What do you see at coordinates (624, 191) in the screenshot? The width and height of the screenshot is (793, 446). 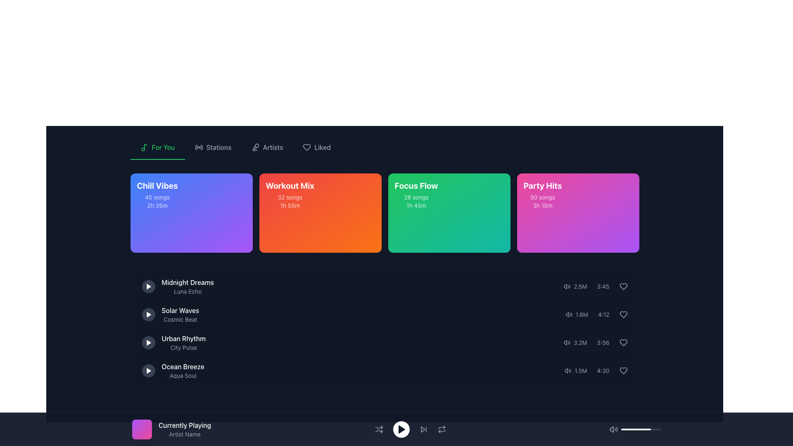 I see `the playback button located at the top-right corner of the 'Party Hits' card to initiate playback` at bounding box center [624, 191].